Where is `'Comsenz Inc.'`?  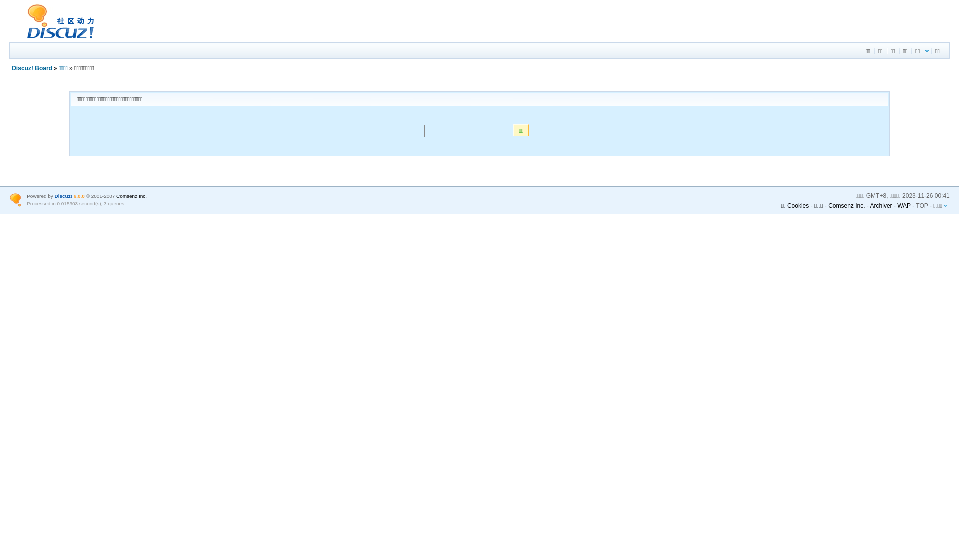
'Comsenz Inc.' is located at coordinates (131, 196).